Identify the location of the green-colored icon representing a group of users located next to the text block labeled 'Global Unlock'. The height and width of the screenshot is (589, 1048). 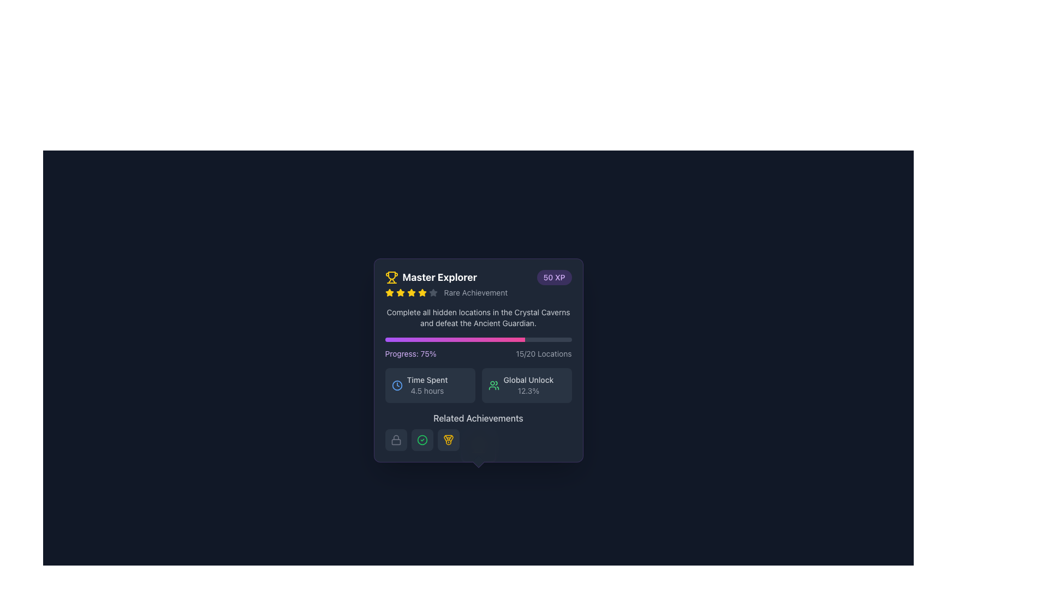
(493, 384).